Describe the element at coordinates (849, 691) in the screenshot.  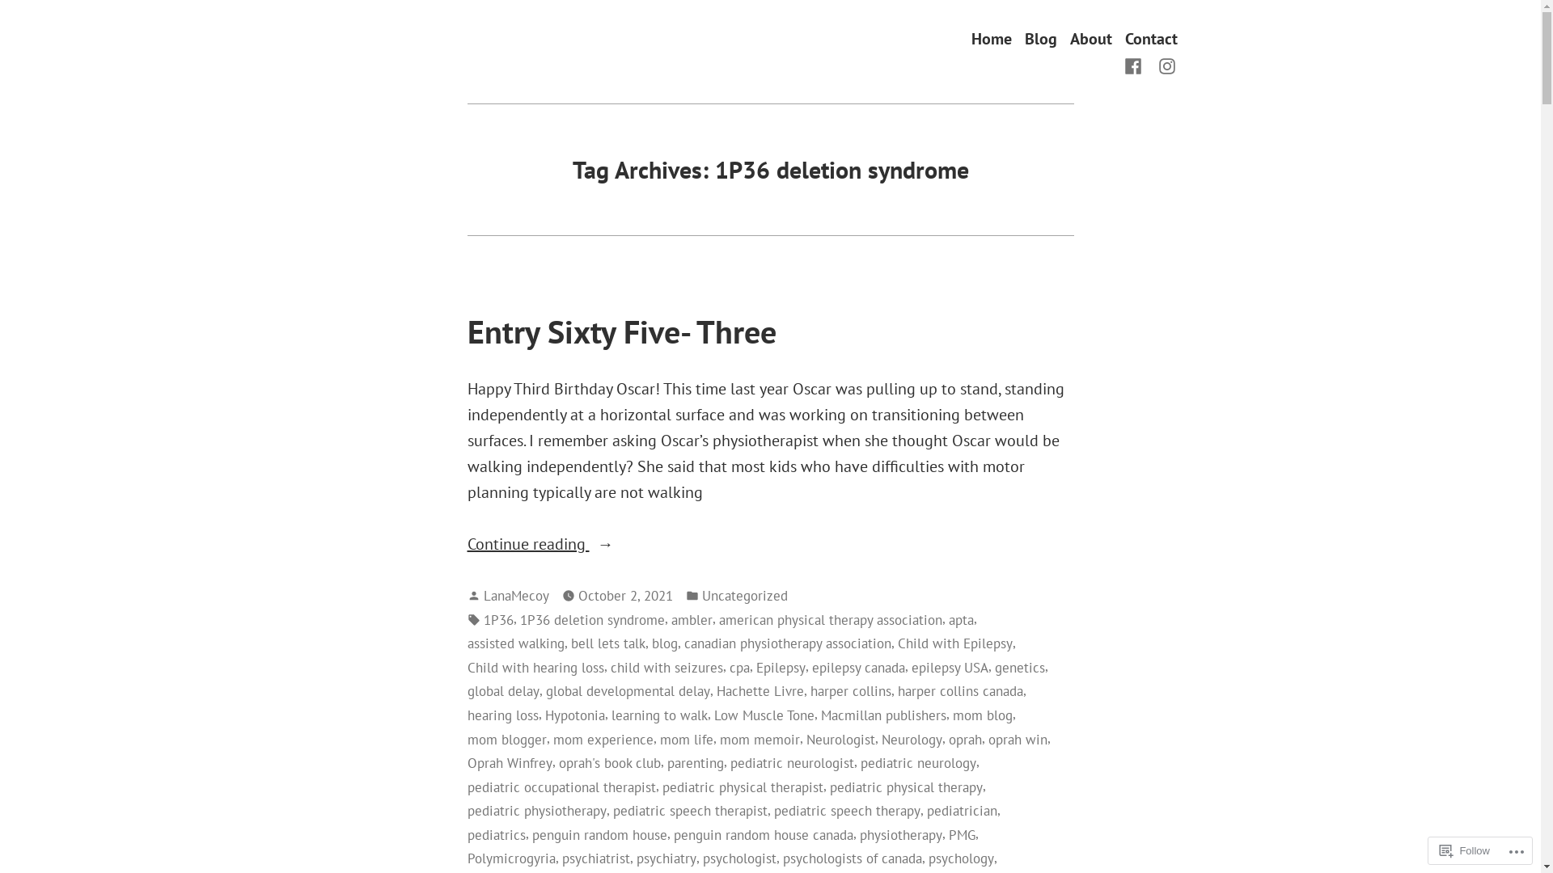
I see `'harper collins'` at that location.